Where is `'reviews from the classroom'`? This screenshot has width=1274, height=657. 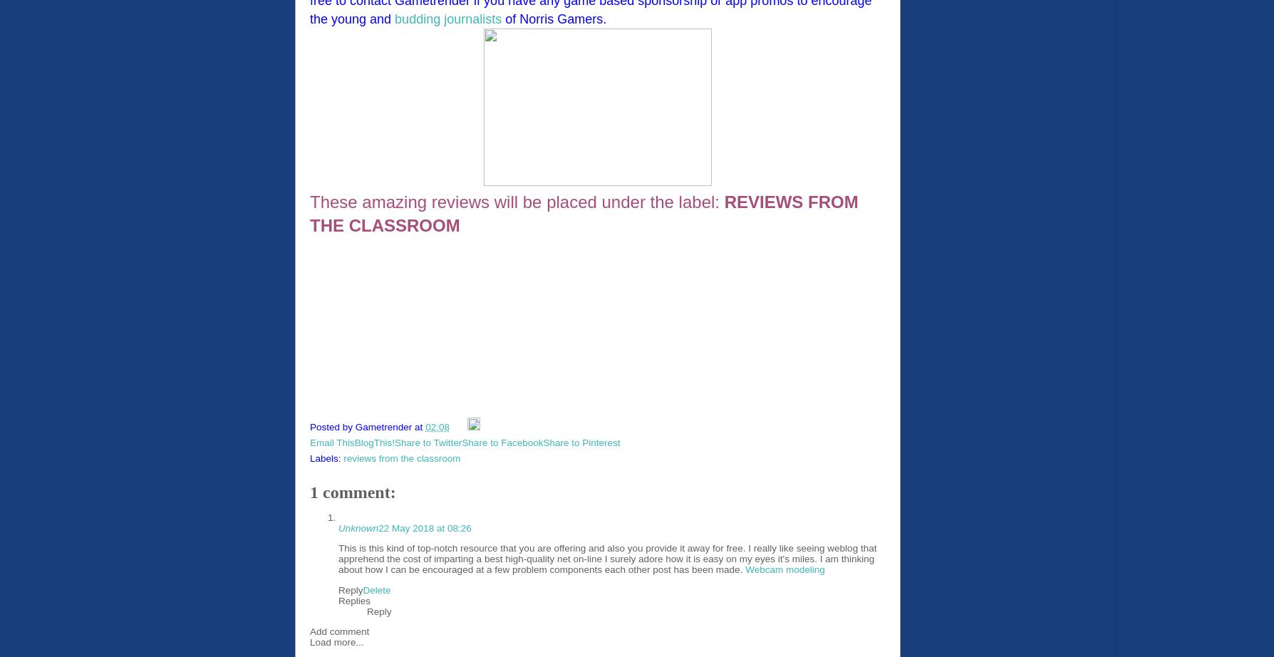
'reviews from the classroom' is located at coordinates (401, 457).